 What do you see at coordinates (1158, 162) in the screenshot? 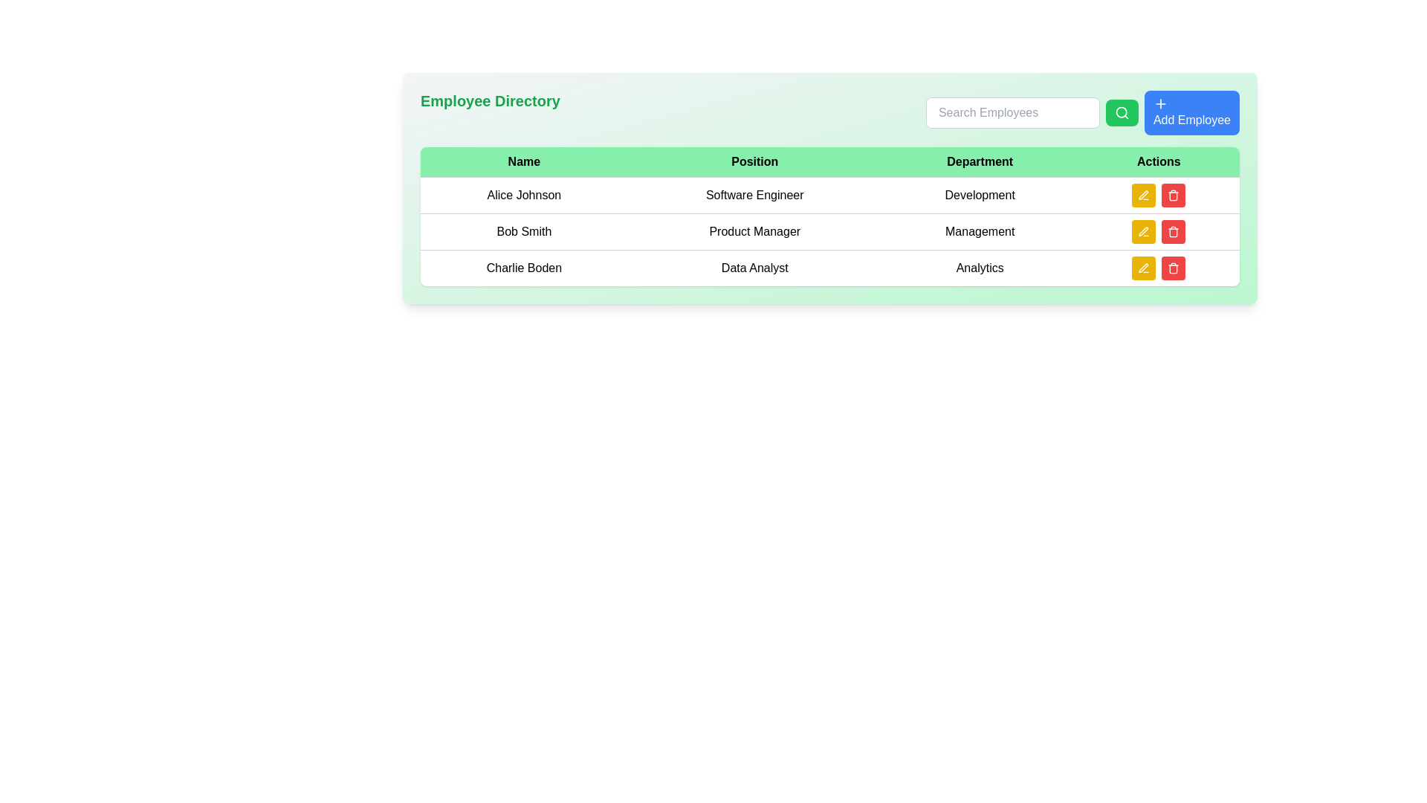
I see `the 'Actions' text label in the header row of the employee table, which is the rightmost cell with a light green background and bold black text` at bounding box center [1158, 162].